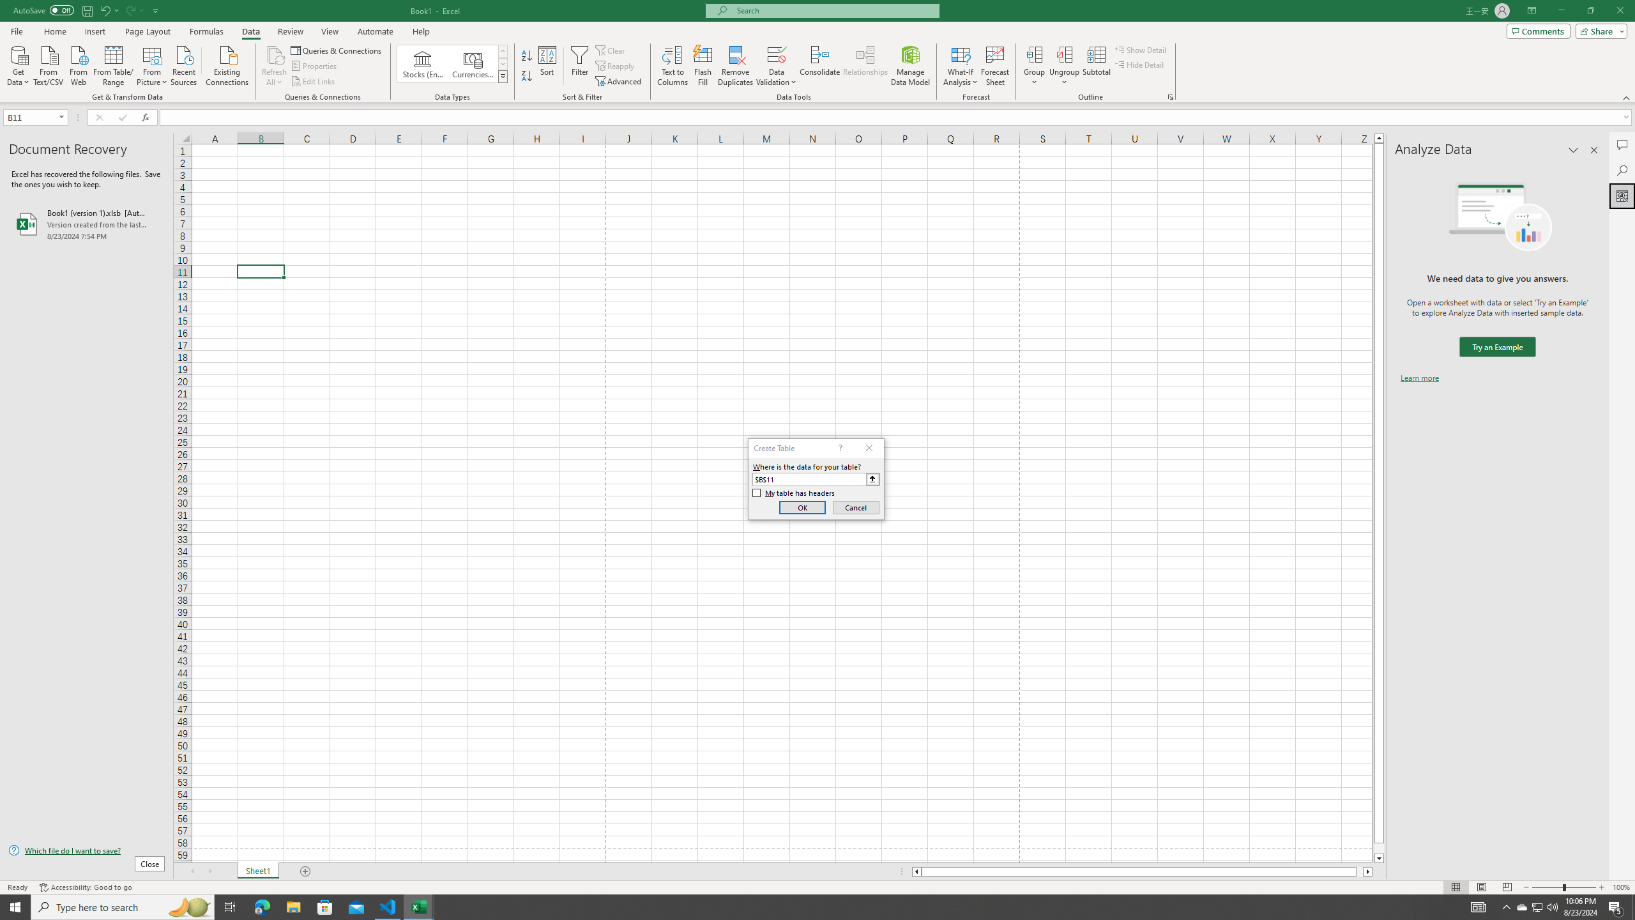  What do you see at coordinates (315, 66) in the screenshot?
I see `'Properties'` at bounding box center [315, 66].